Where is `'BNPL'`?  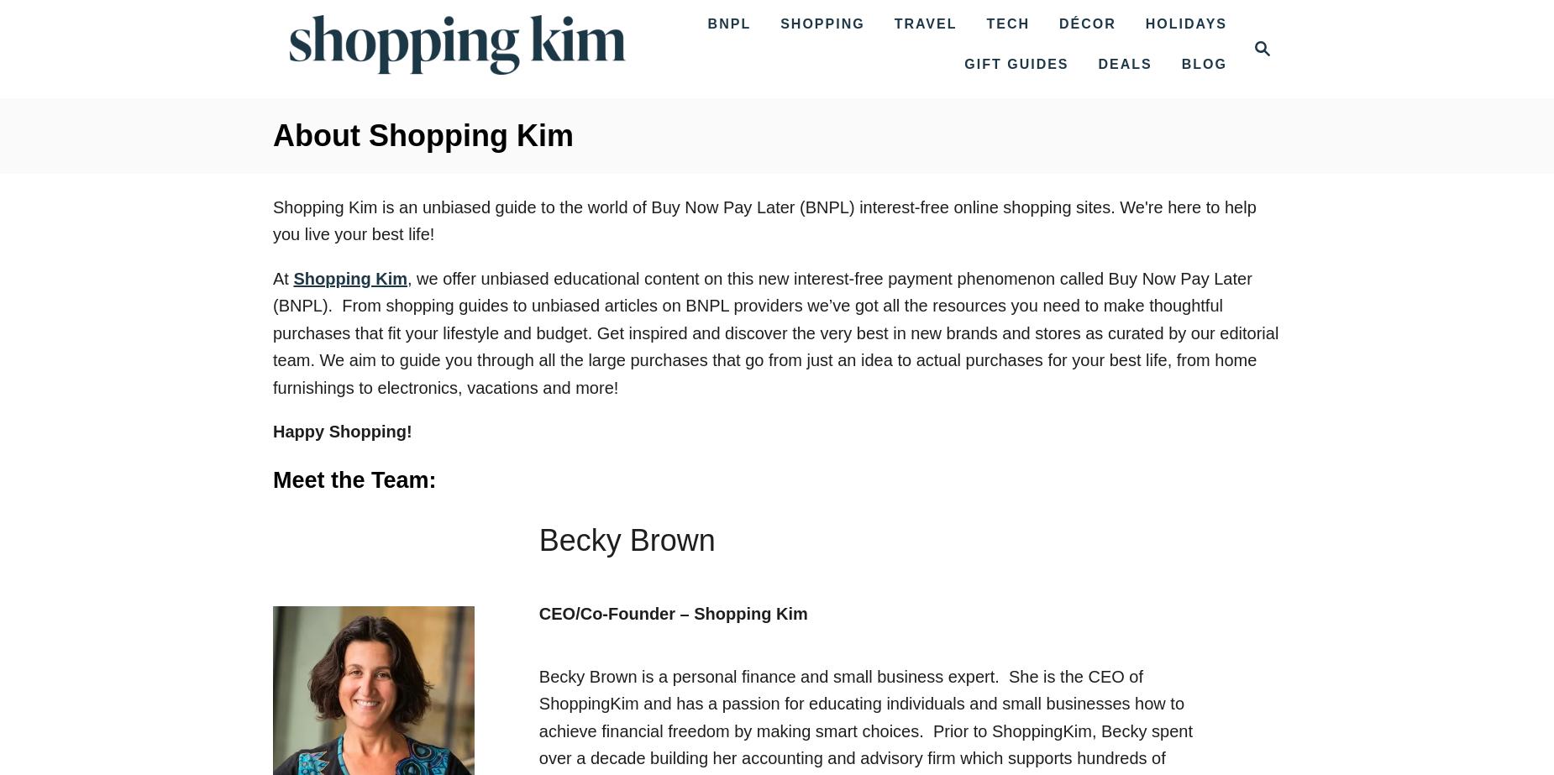
'BNPL' is located at coordinates (729, 24).